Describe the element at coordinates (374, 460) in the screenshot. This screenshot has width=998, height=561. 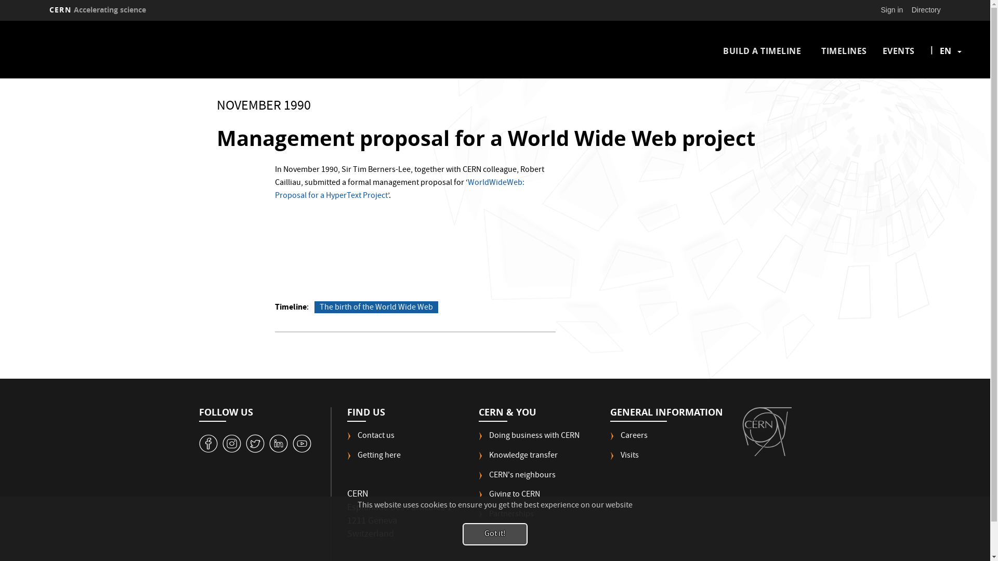
I see `'Getting here'` at that location.